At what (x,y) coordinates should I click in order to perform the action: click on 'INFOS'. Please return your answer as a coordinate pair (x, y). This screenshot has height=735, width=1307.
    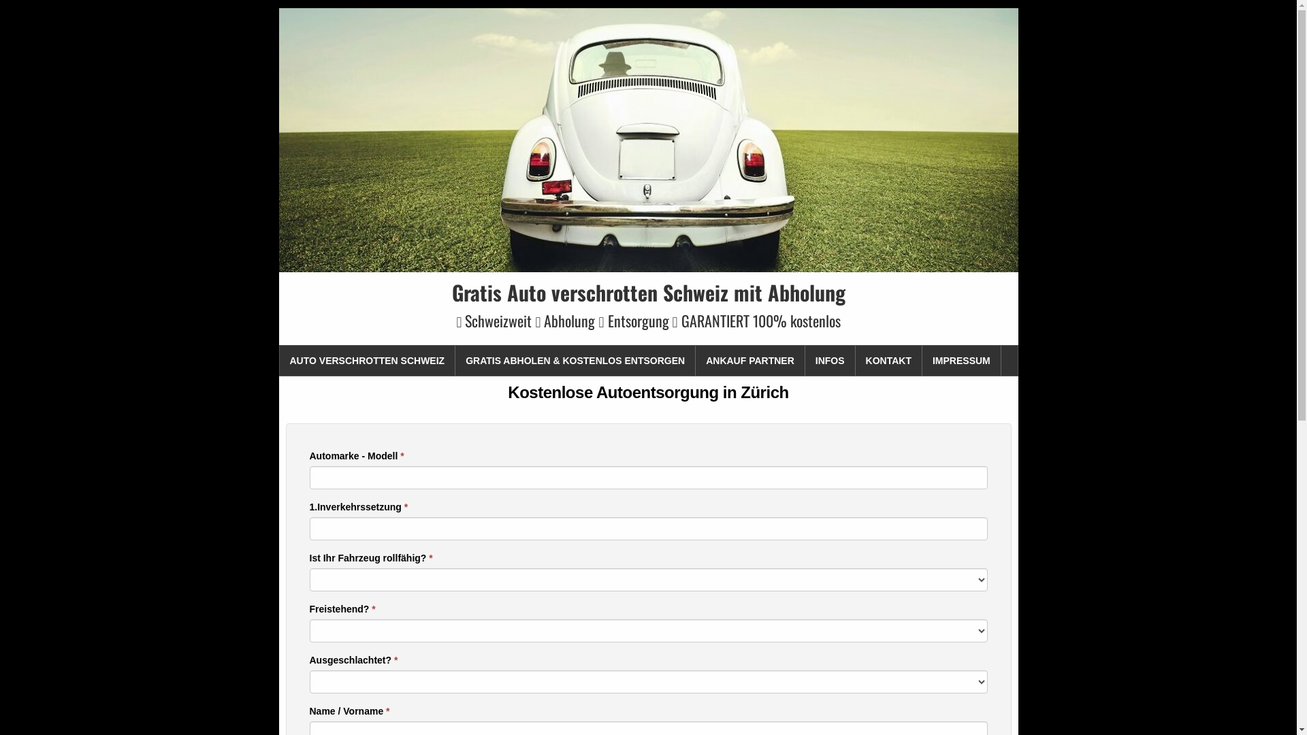
    Looking at the image, I should click on (829, 359).